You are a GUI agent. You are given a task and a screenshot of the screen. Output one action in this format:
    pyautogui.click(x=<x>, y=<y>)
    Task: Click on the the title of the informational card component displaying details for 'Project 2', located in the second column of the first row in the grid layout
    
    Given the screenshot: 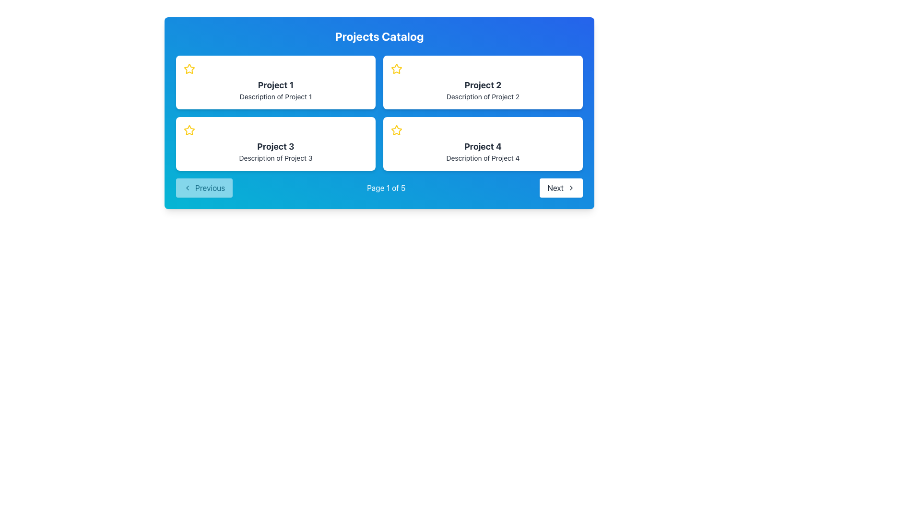 What is the action you would take?
    pyautogui.click(x=483, y=82)
    